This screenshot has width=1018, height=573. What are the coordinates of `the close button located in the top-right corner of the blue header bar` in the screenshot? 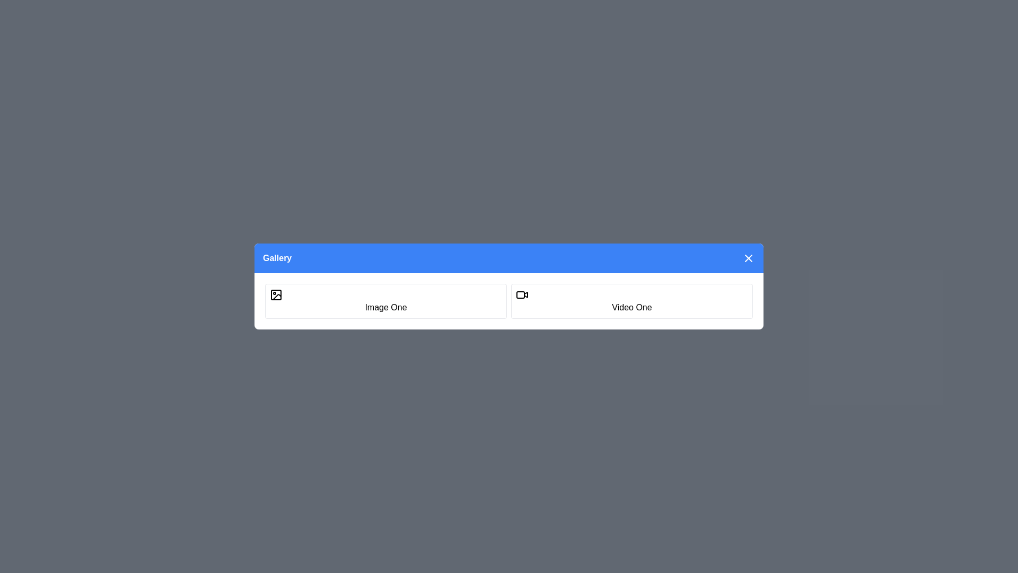 It's located at (748, 258).